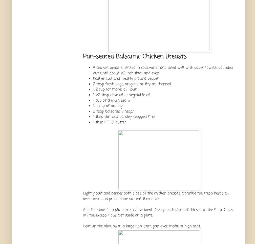 The image size is (255, 244). What do you see at coordinates (156, 195) in the screenshot?
I see `'Lightly salt and pepper both sides of the chicken breasts. Sprinkle the fresh herbs all over them and press done so that they stick.'` at bounding box center [156, 195].